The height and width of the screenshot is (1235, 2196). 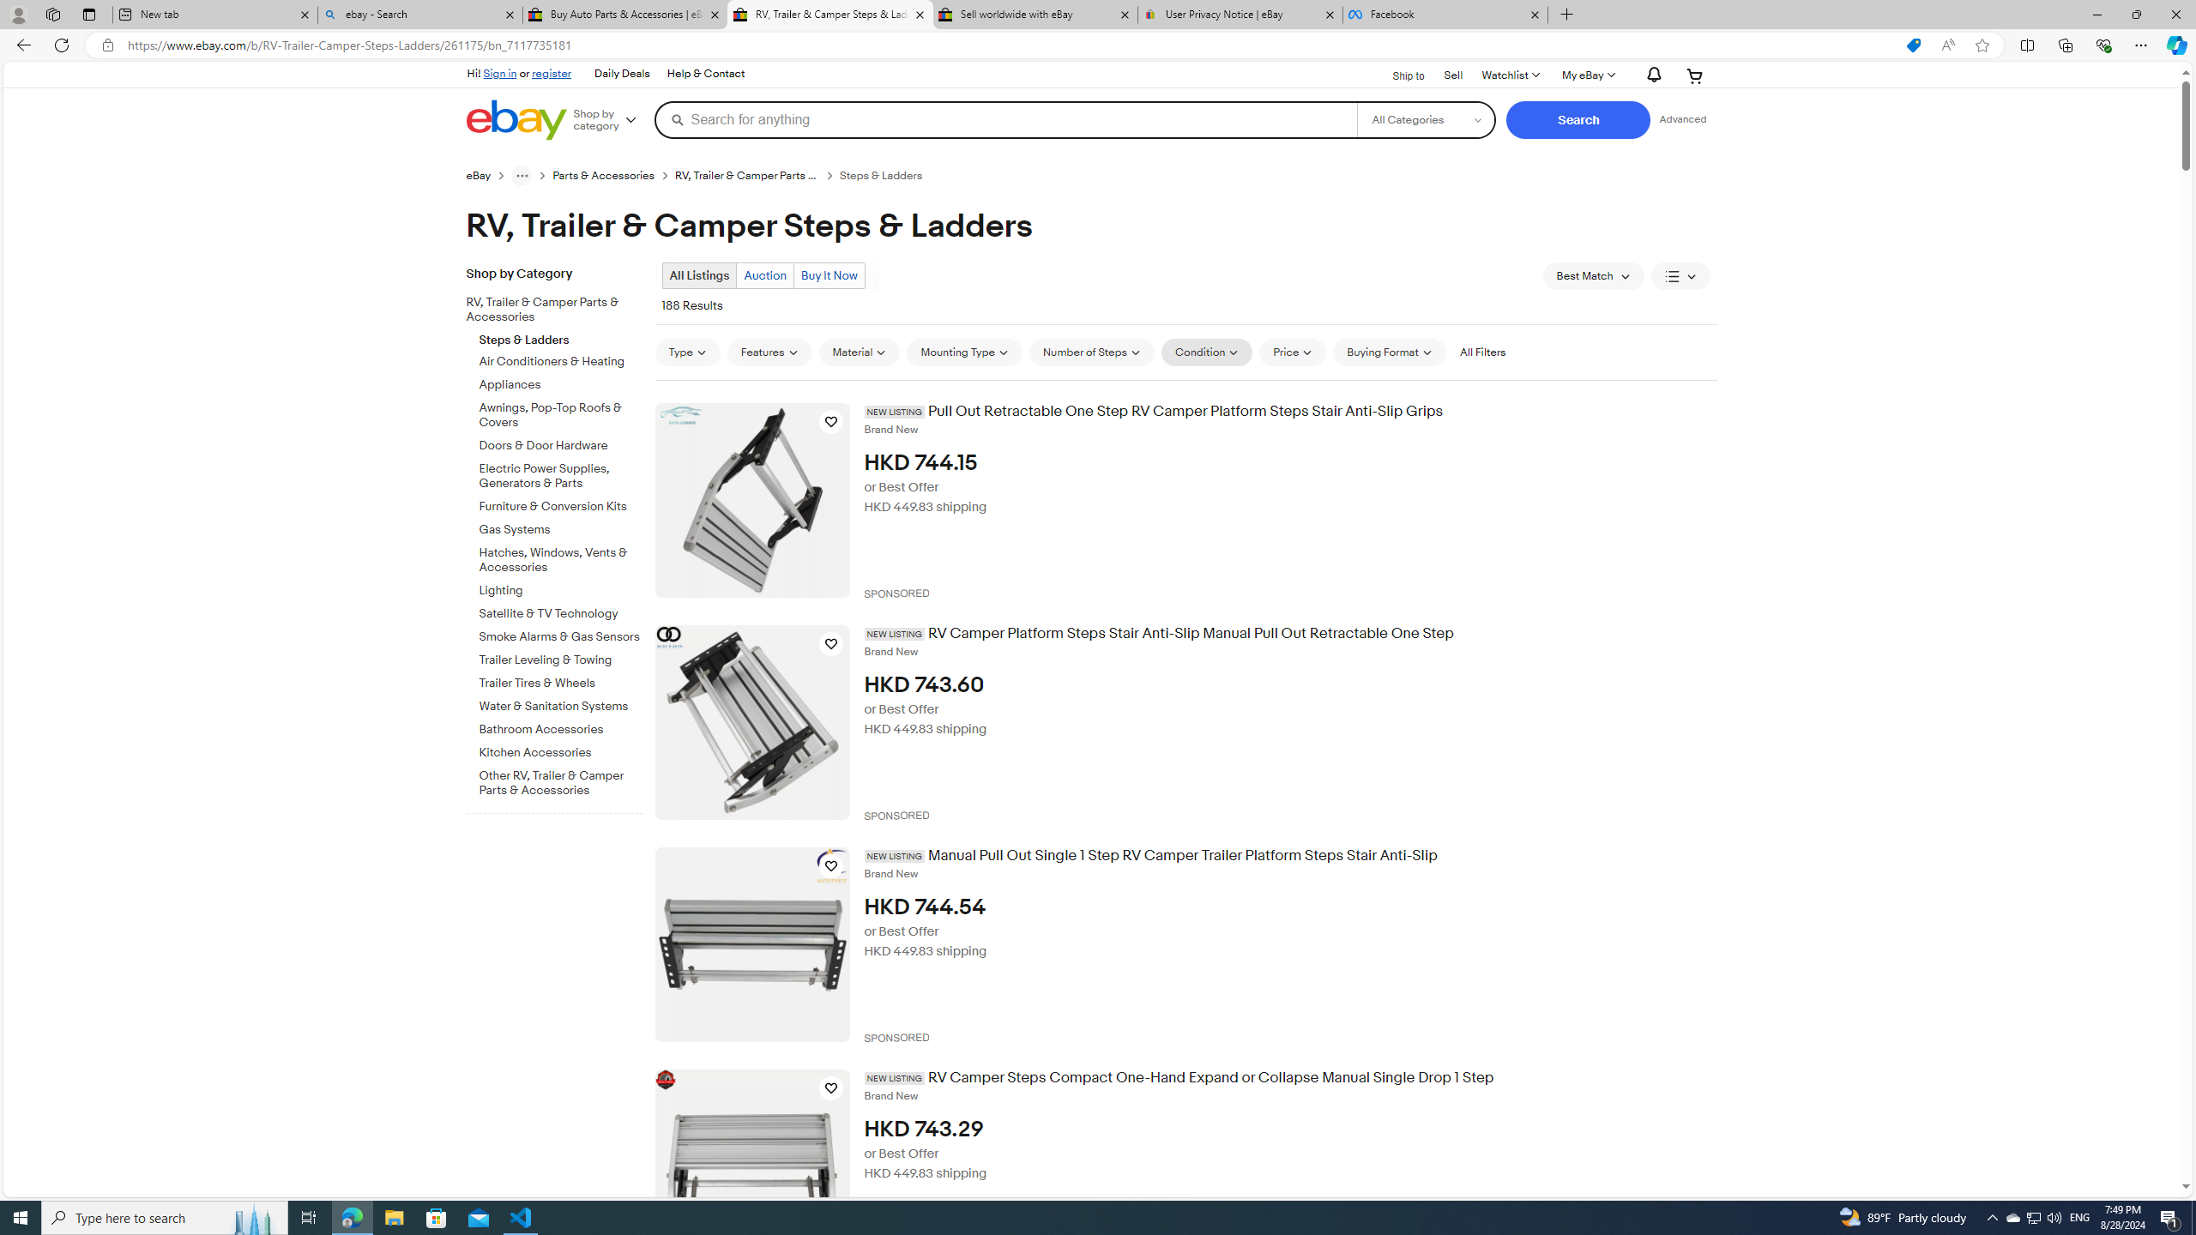 What do you see at coordinates (699, 275) in the screenshot?
I see `'All Listings'` at bounding box center [699, 275].